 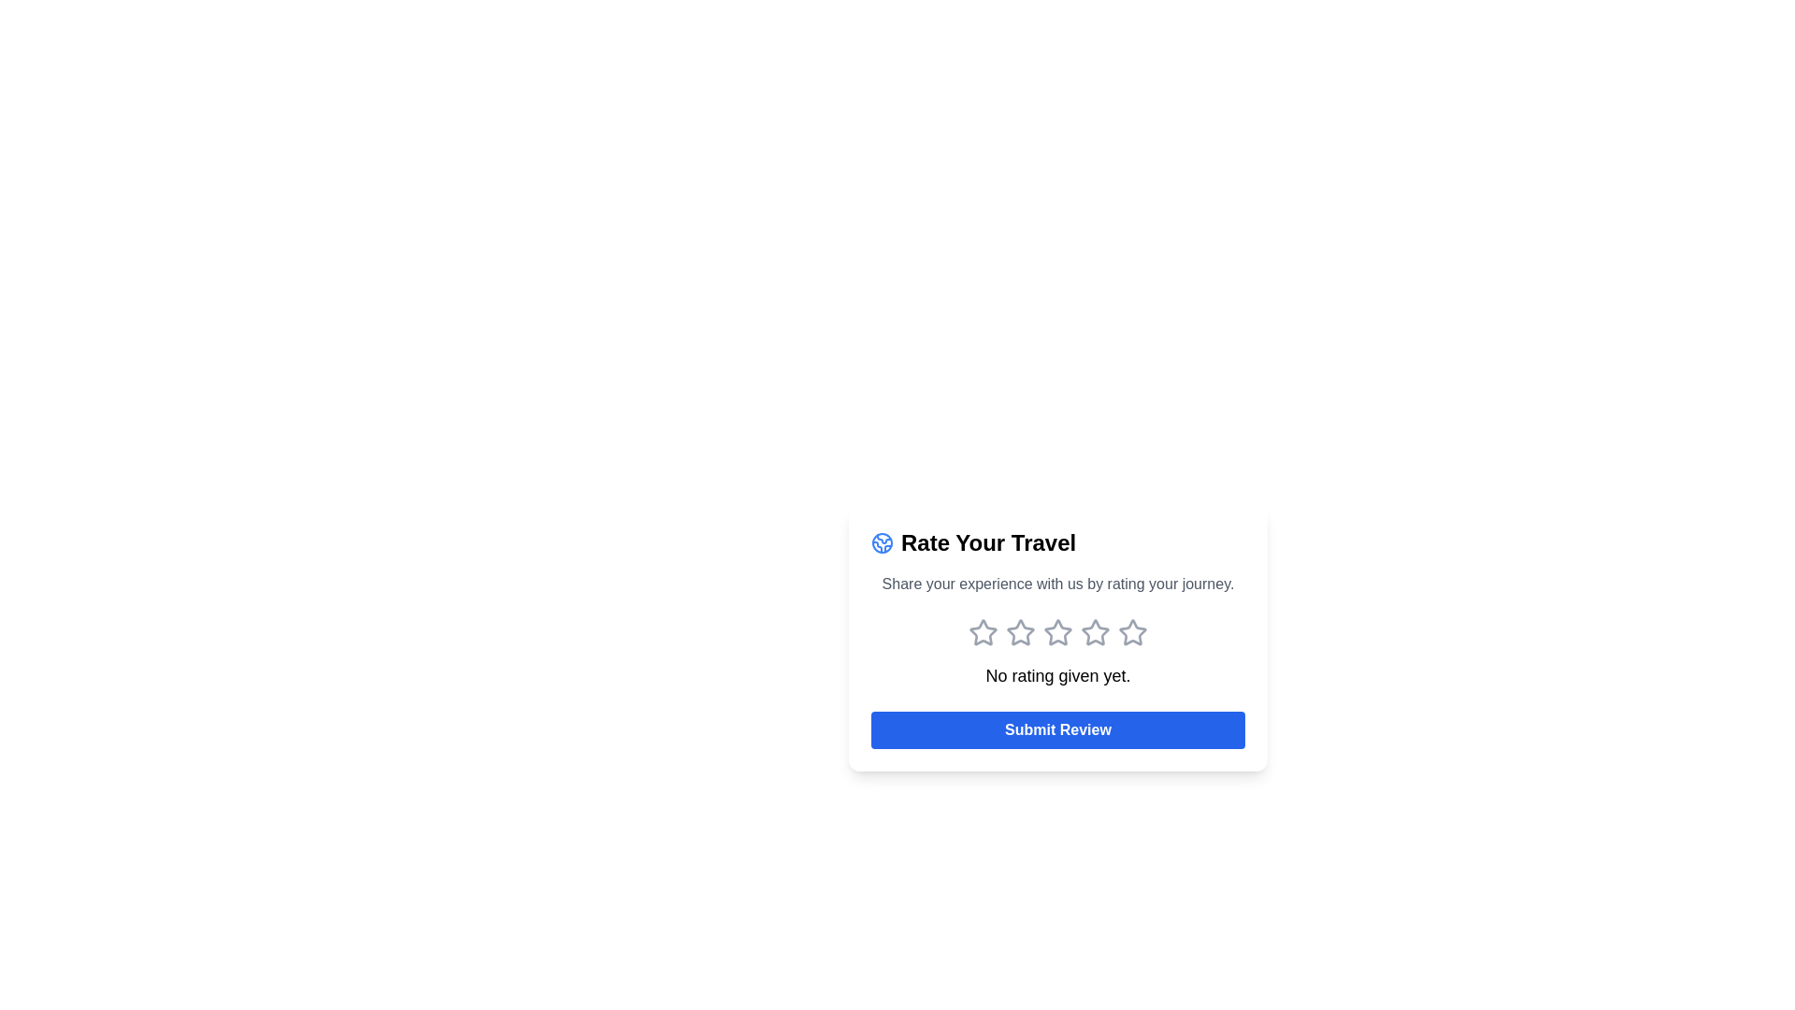 I want to click on the third star icon in the rating system to rate 3 stars, so click(x=1058, y=632).